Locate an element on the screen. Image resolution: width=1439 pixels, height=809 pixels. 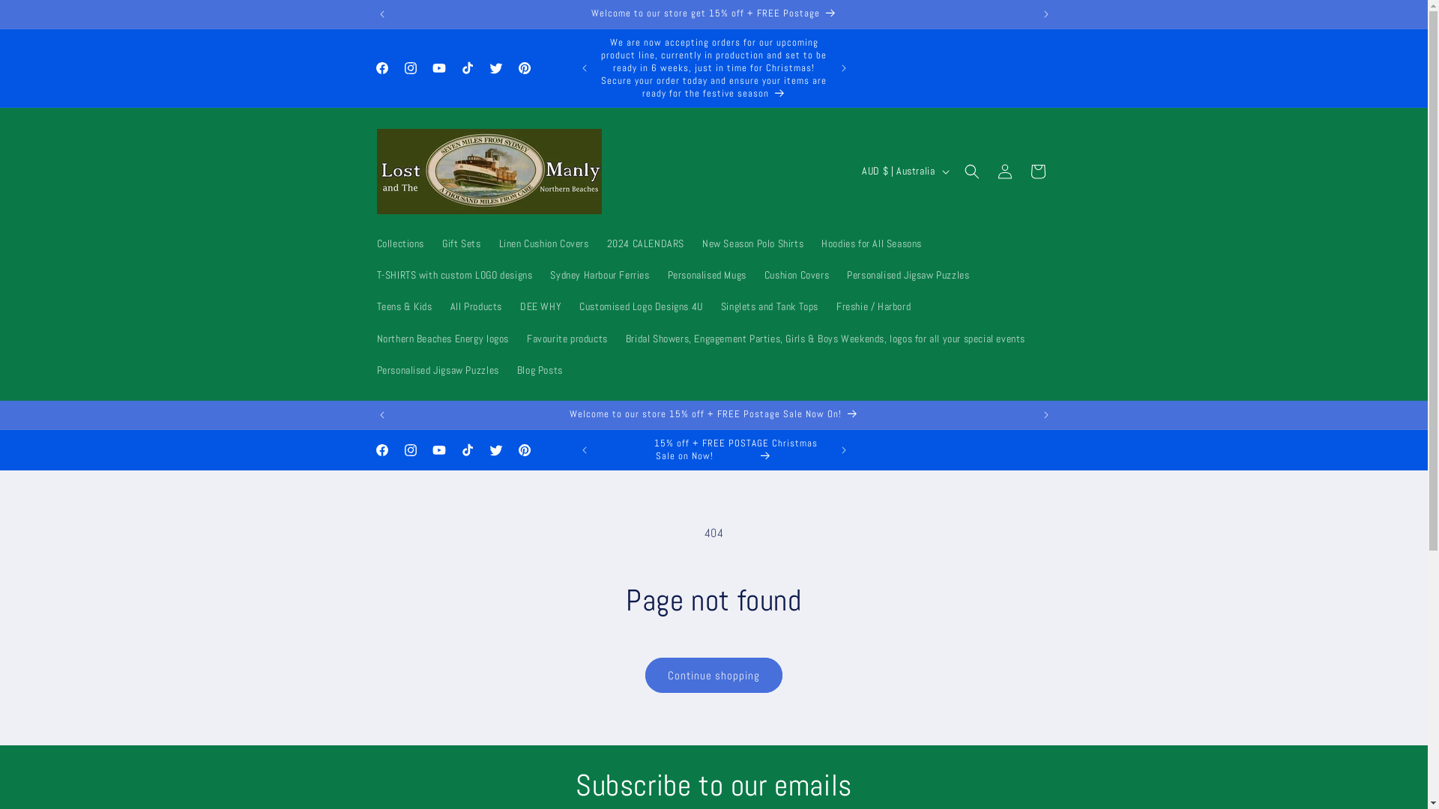
'Cart' is located at coordinates (1036, 170).